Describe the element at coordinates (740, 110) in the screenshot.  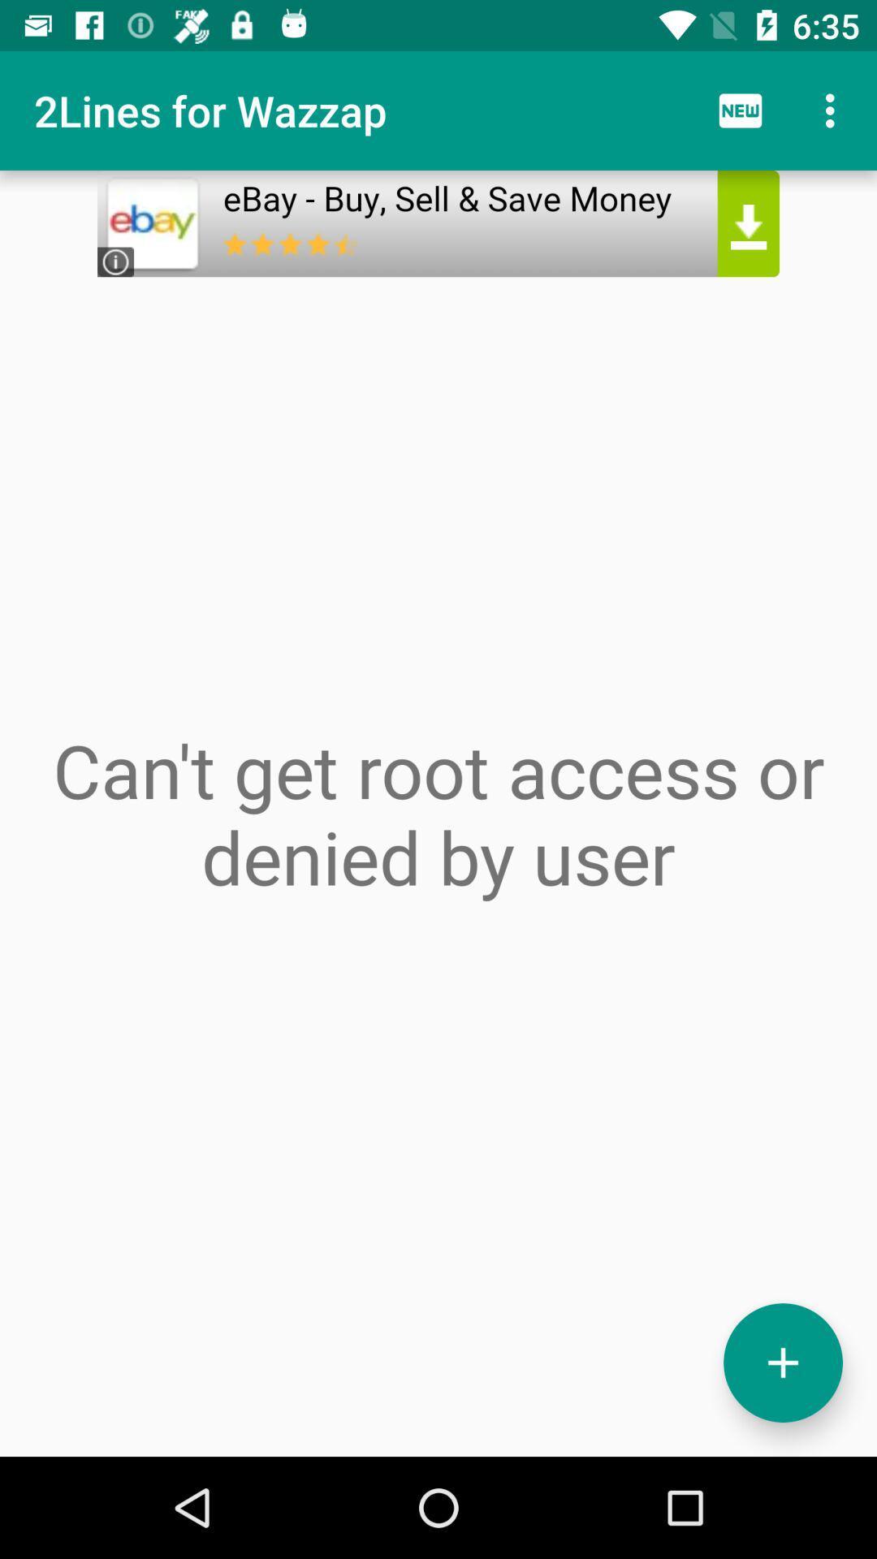
I see `the item next to the 2lines for wazzap item` at that location.